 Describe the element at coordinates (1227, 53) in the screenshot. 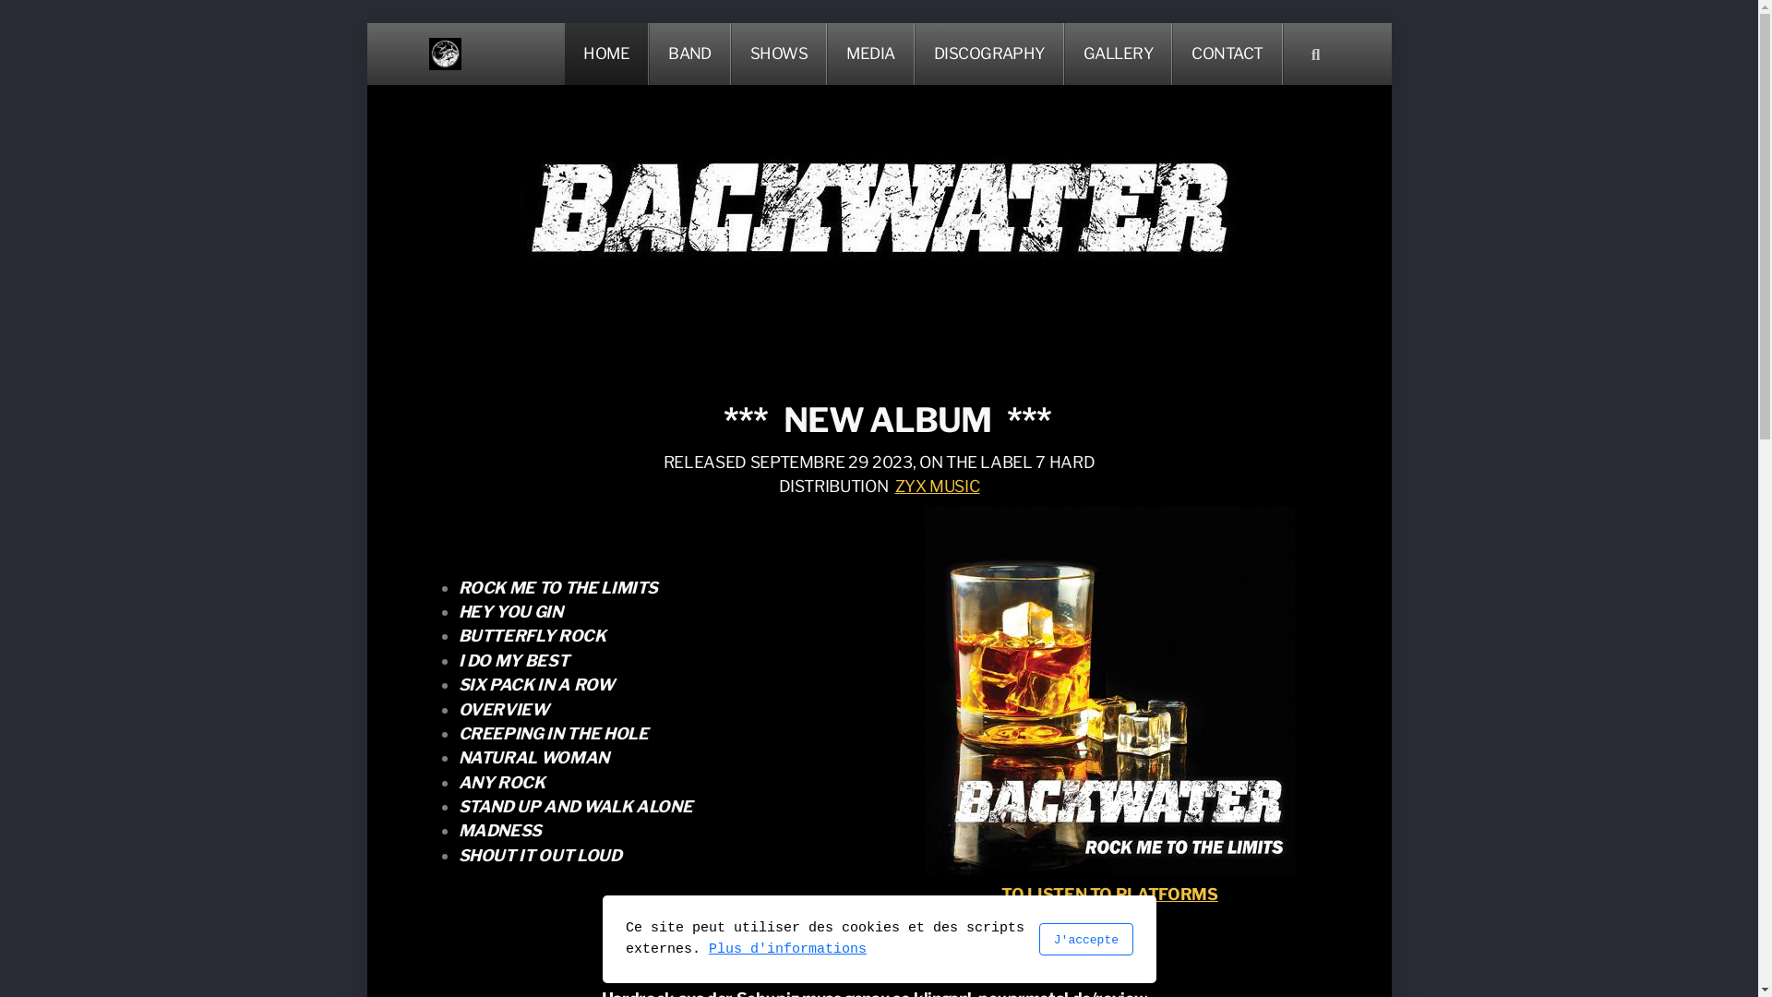

I see `'CONTACT'` at that location.